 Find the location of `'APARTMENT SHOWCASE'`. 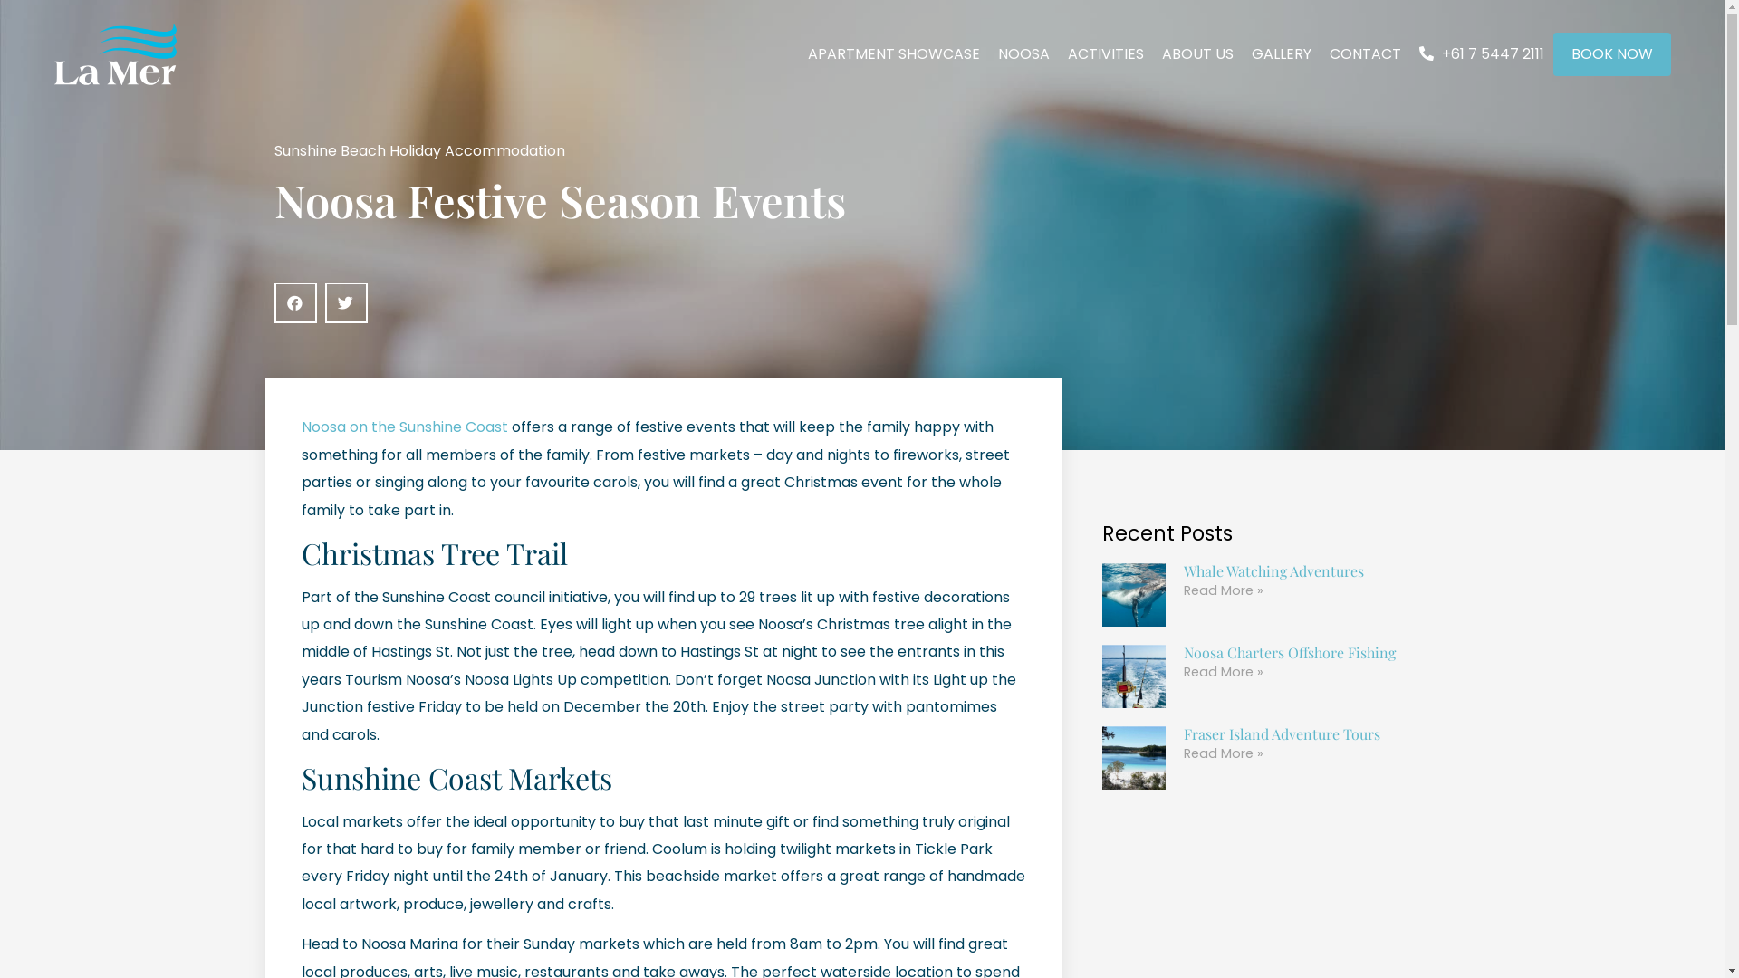

'APARTMENT SHOWCASE' is located at coordinates (894, 53).